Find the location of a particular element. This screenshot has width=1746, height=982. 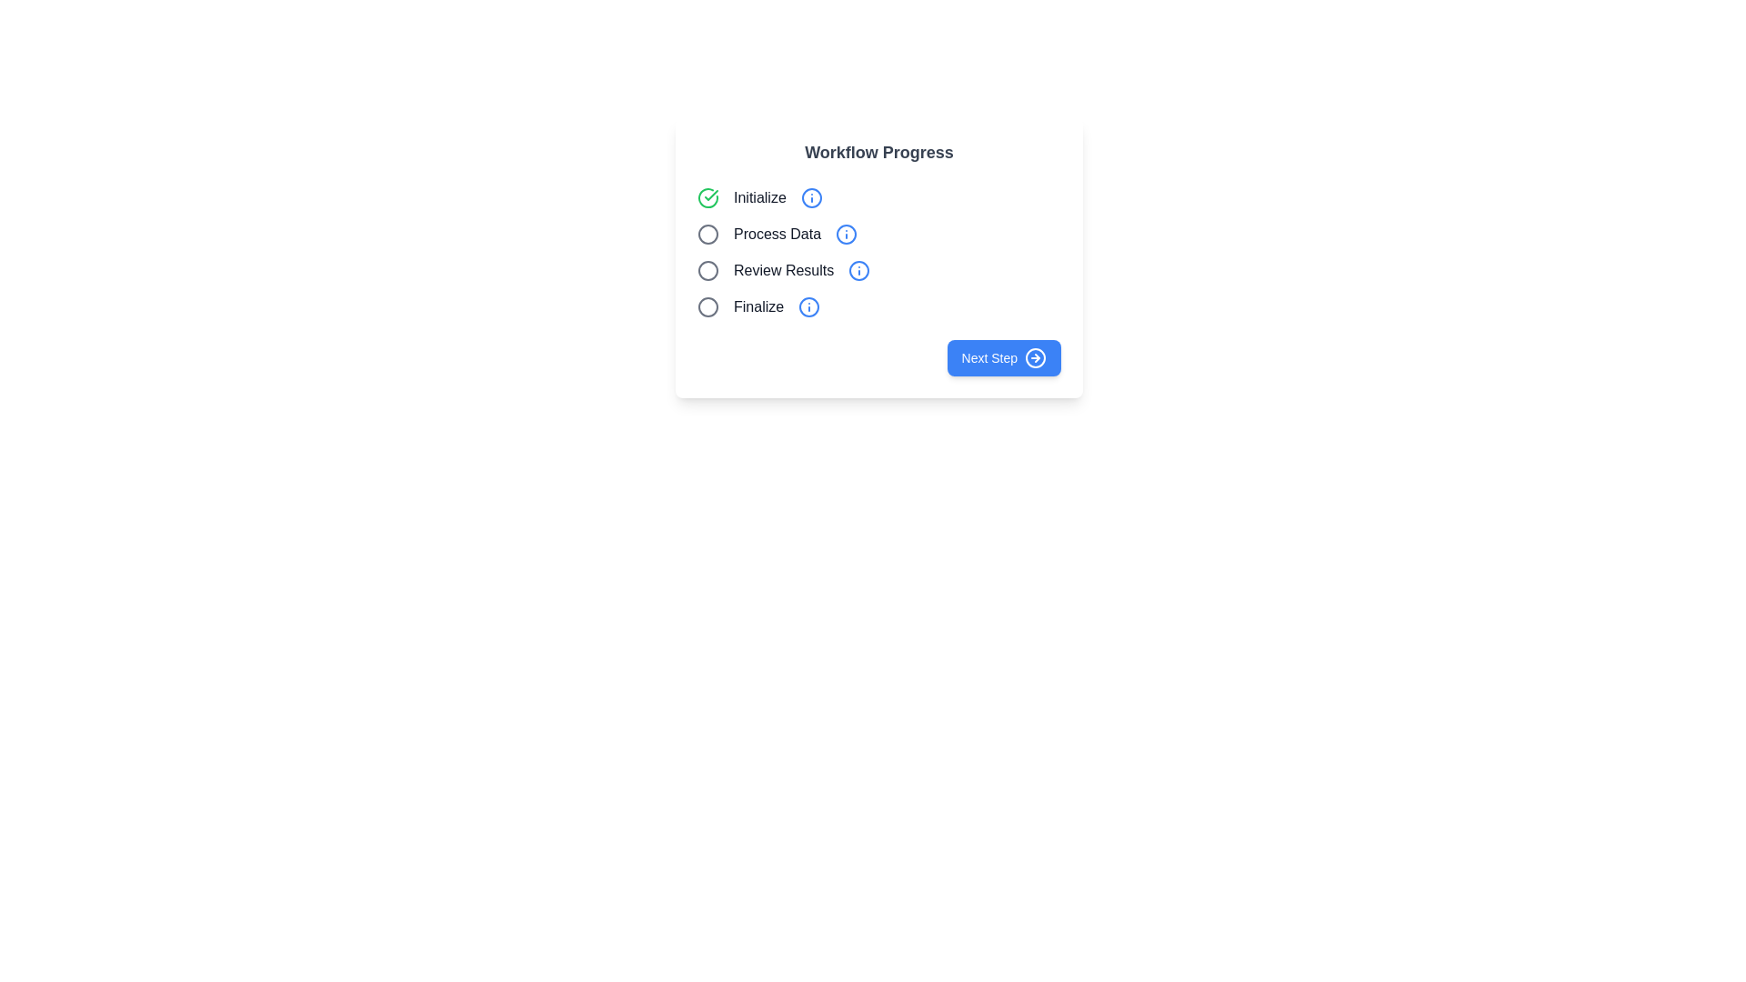

the 'Finalize' text label, which is the third item in a vertical list, positioned below 'Review Results' and above an additional information icon is located at coordinates (758, 306).